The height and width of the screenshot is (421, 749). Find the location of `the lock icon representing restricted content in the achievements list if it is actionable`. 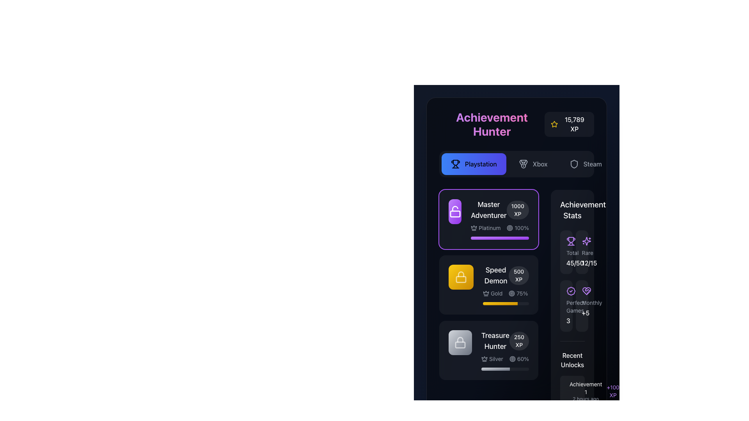

the lock icon representing restricted content in the achievements list if it is actionable is located at coordinates (460, 342).